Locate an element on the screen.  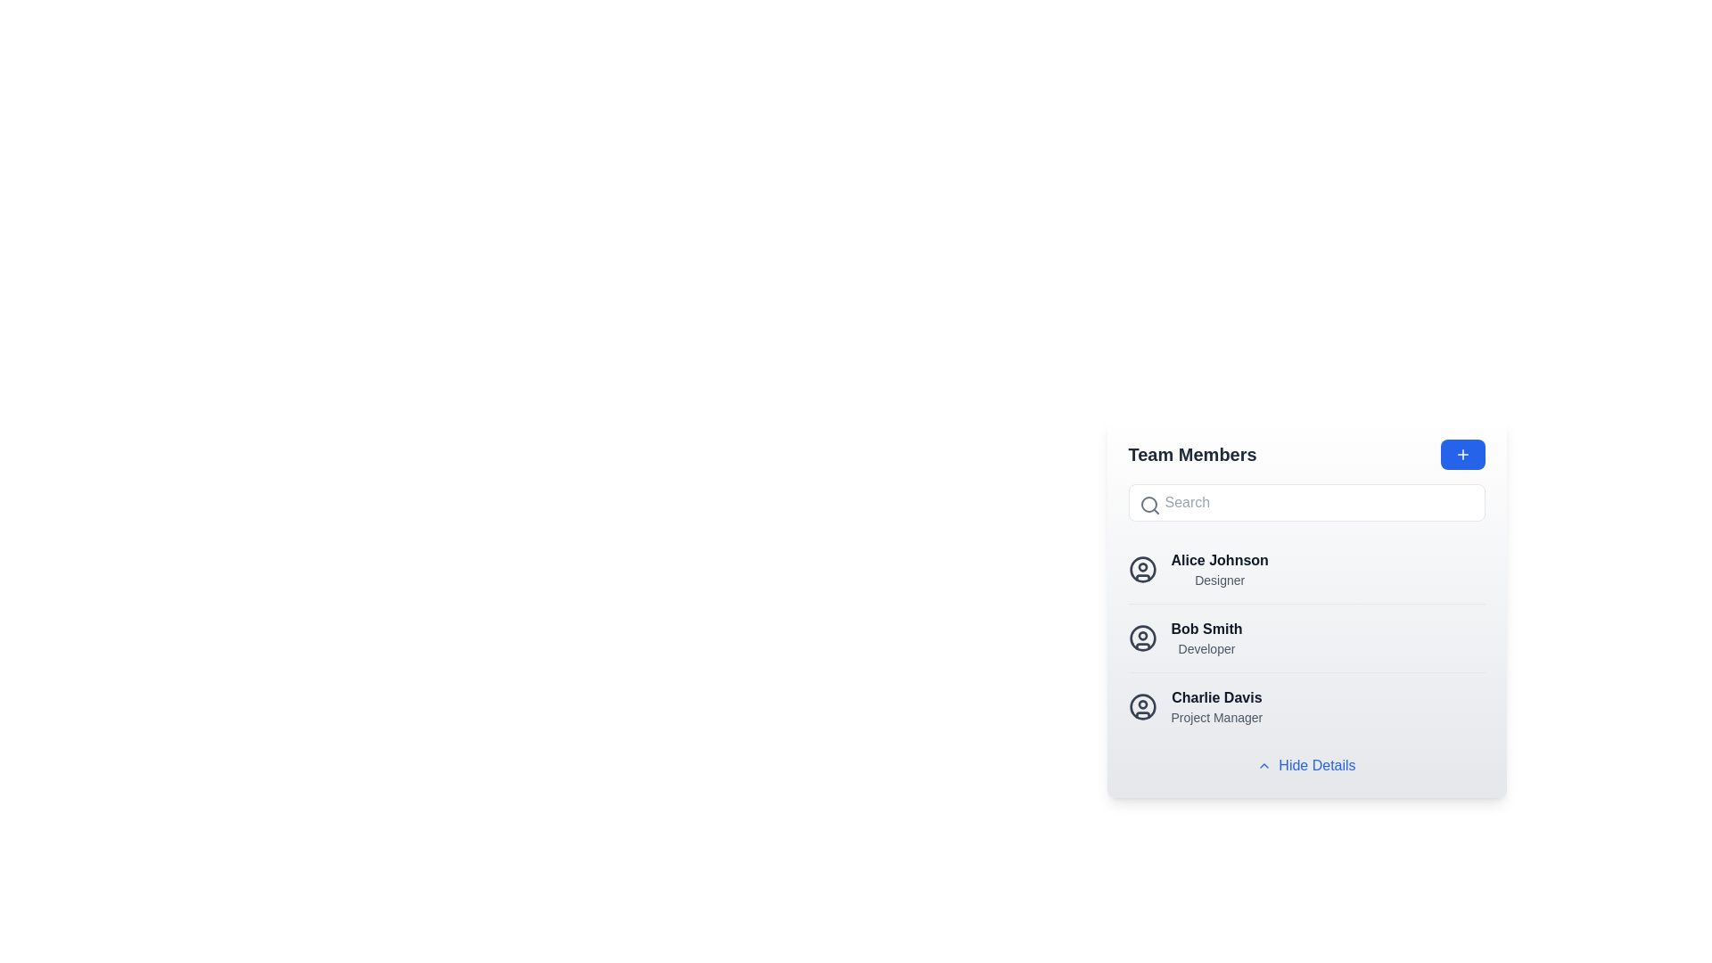
the text label 'Alice Johnson' in the 'Team Members' section is located at coordinates (1219, 570).